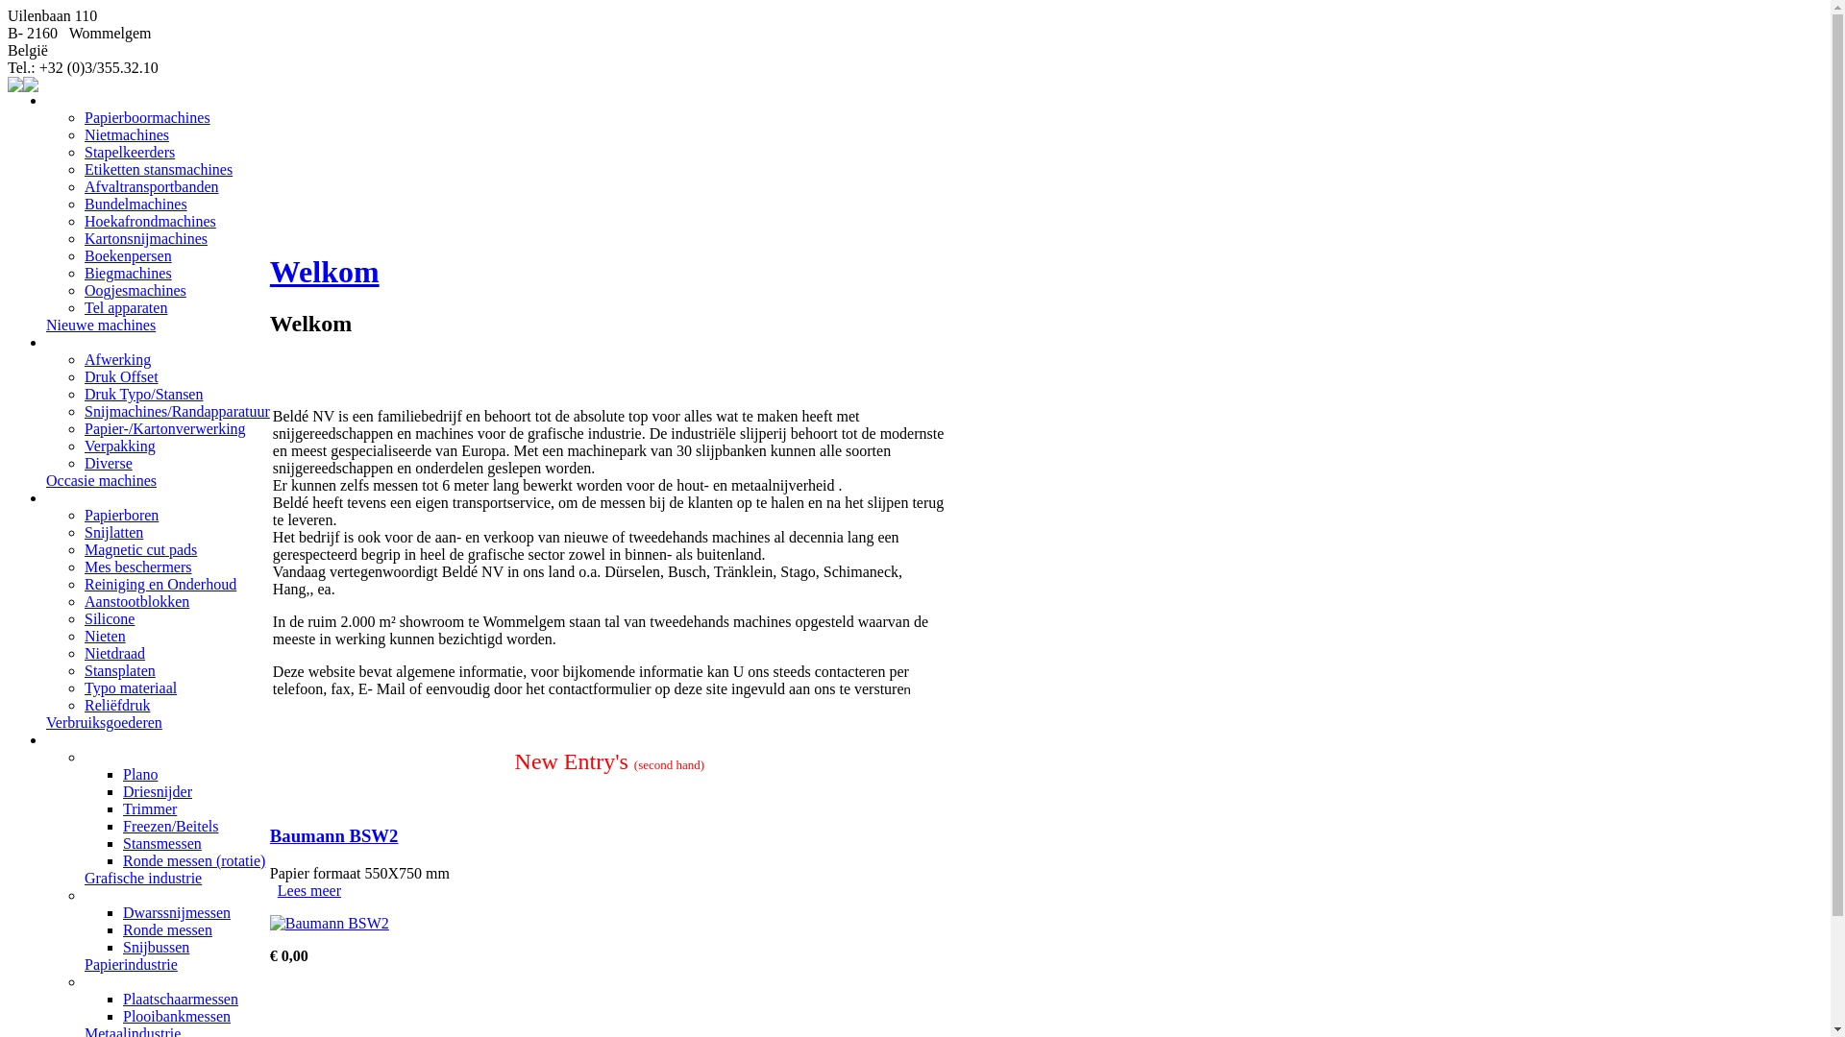 This screenshot has width=1845, height=1037. I want to click on 'Nietdraad', so click(113, 652).